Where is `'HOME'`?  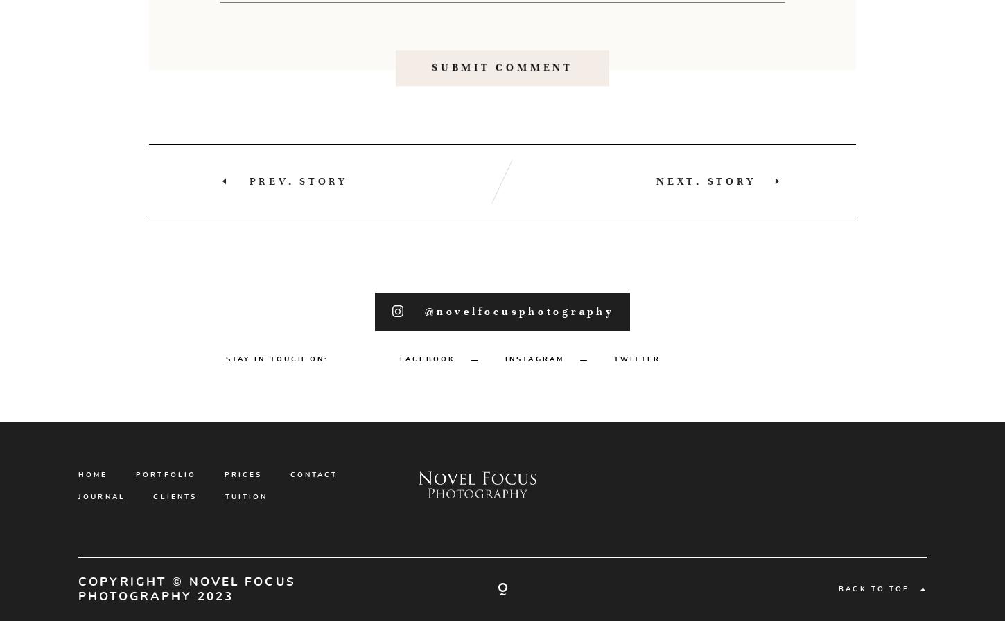
'HOME' is located at coordinates (91, 537).